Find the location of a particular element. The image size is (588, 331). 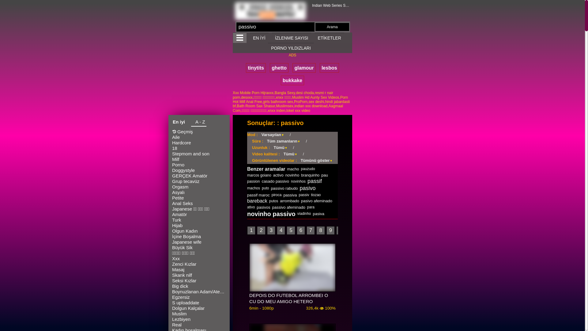

'Anal Seks' is located at coordinates (199, 203).